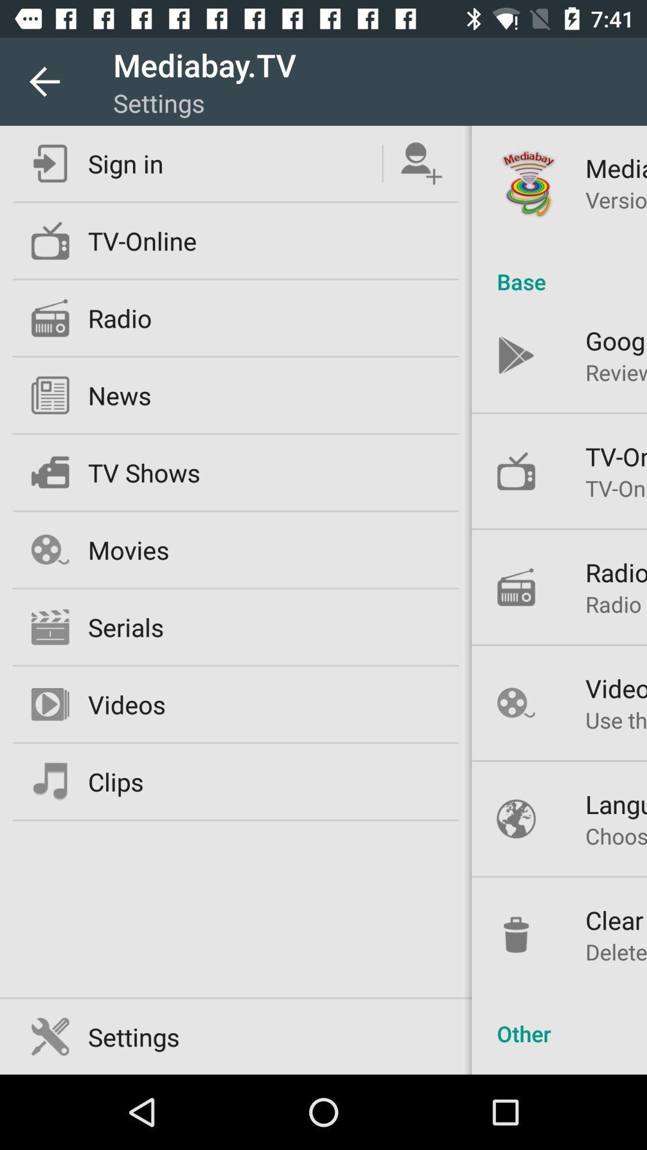  What do you see at coordinates (616, 199) in the screenshot?
I see `the version 1 2 icon` at bounding box center [616, 199].